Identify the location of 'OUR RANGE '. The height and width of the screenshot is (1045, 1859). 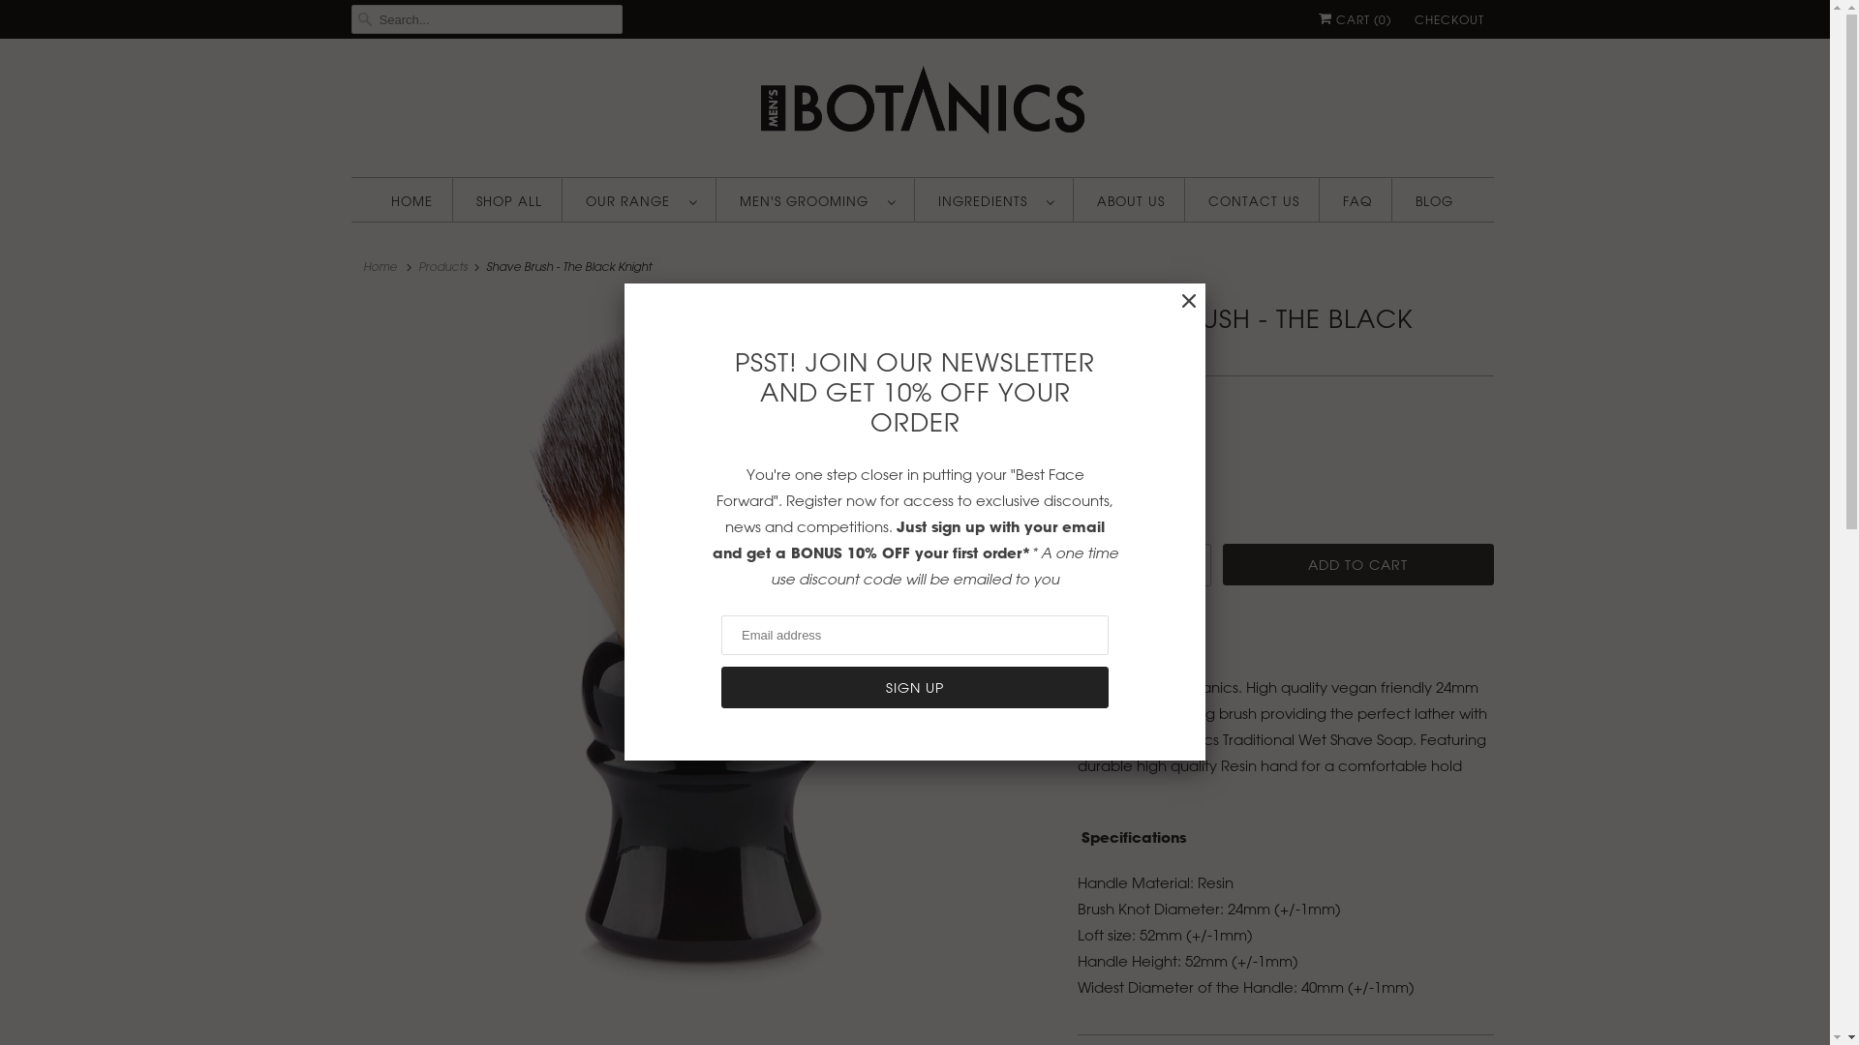
(584, 200).